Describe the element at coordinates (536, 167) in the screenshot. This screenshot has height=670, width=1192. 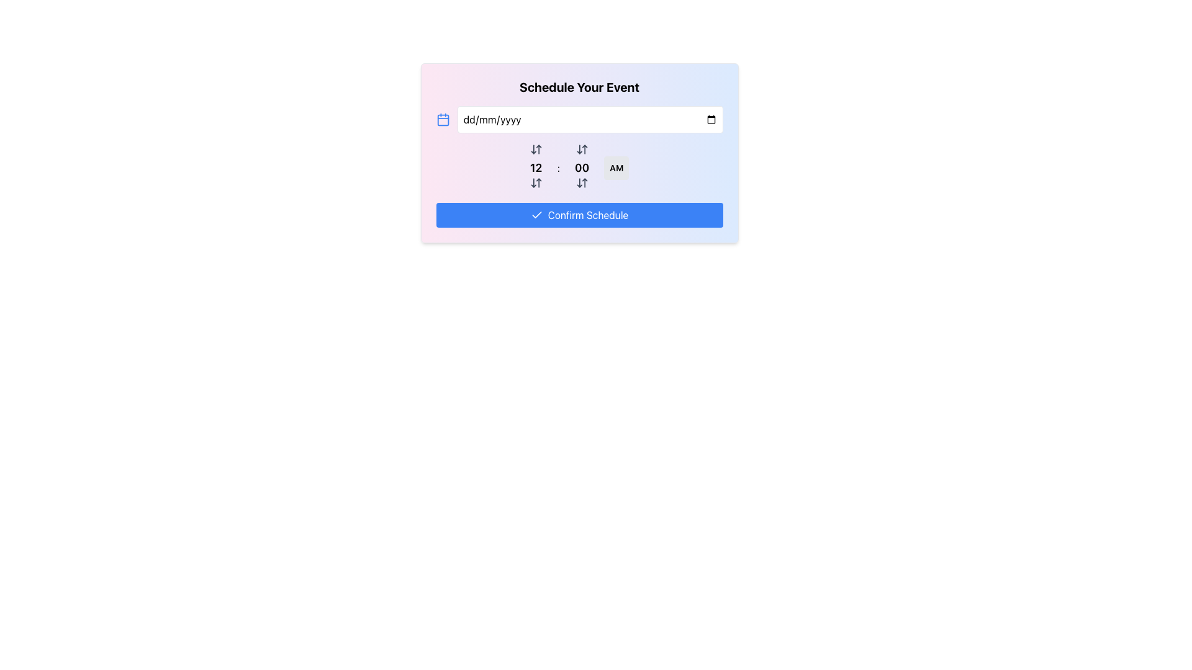
I see `the hour component display in the time picker interface, which shows the hour value and is positioned between the increment and decrement controls` at that location.